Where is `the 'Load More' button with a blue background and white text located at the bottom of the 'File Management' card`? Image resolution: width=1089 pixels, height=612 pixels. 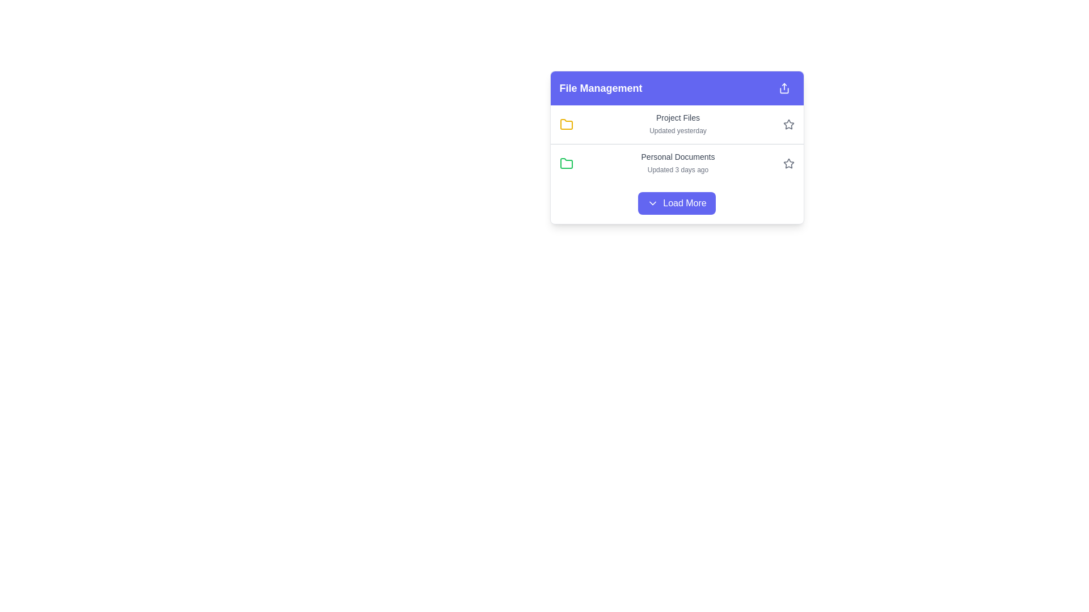 the 'Load More' button with a blue background and white text located at the bottom of the 'File Management' card is located at coordinates (677, 202).